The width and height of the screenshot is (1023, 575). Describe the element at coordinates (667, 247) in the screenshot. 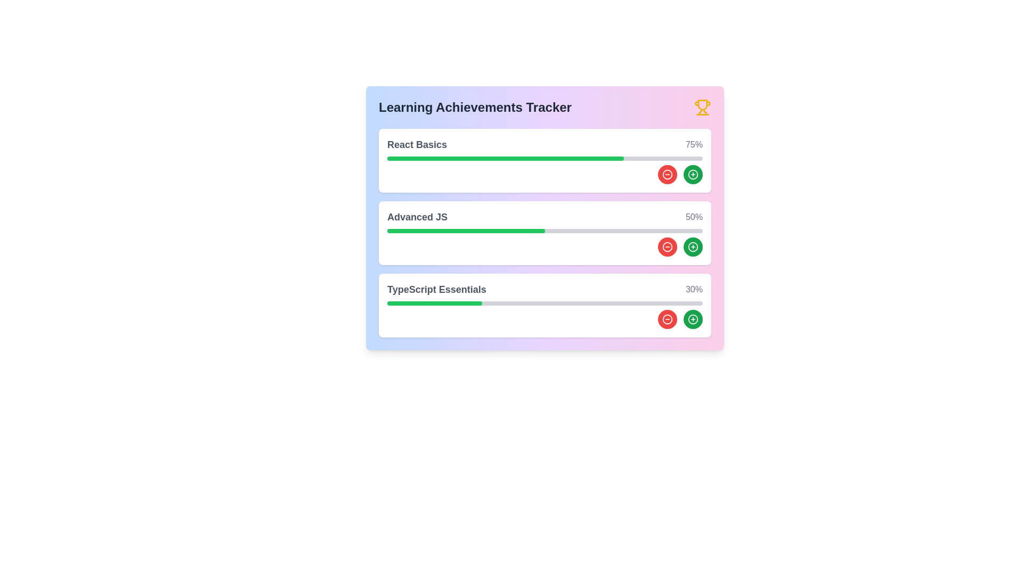

I see `the circular SVG element that serves as a button for removing or subtracting actions, located to the right of the progress bar` at that location.